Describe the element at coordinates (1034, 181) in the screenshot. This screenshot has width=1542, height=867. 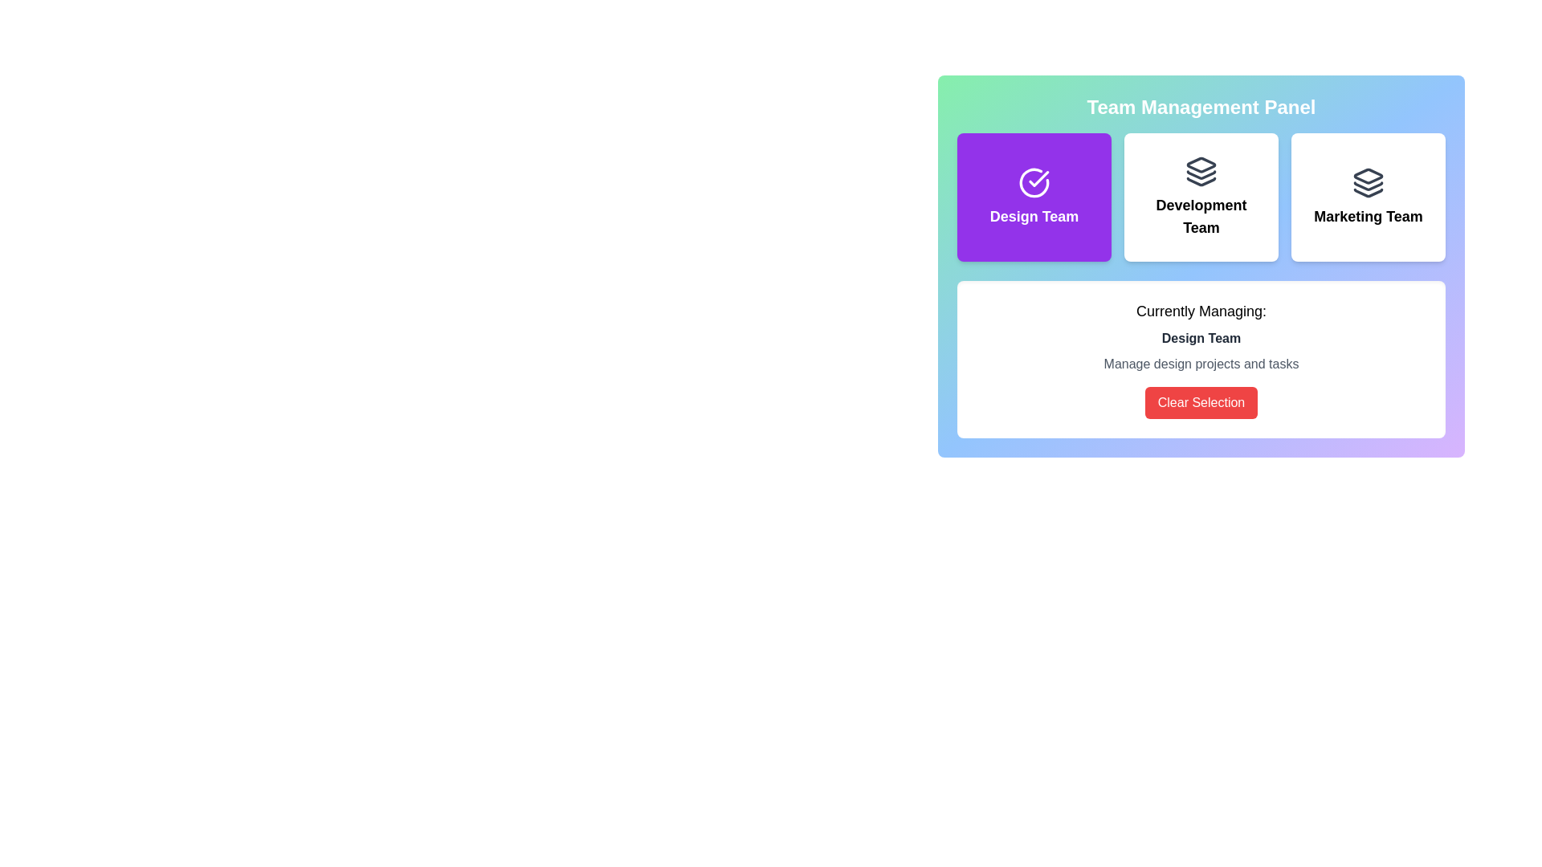
I see `the 'Design Team' icon located in the top-left corner of the horizontal layout, which serves as a visual indicator for team selection` at that location.